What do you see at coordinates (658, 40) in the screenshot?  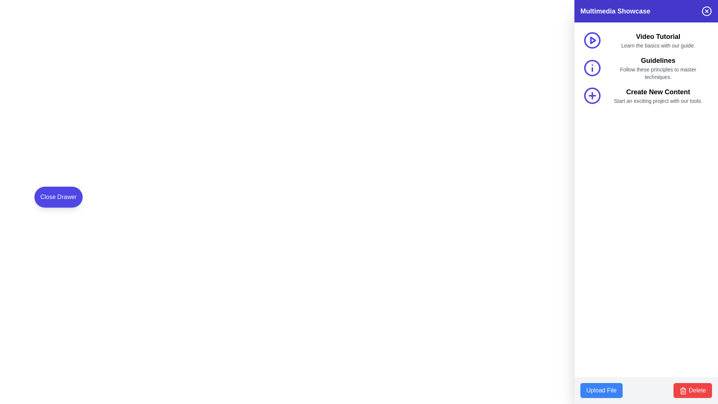 I see `the 'Video Tutorial' text block, which contains two lines of text: the top line in bold reads 'Video Tutorial' and the bottom line in lighter font reads 'Learn the basics with our guide.' This element is located on the right side of the interface, between a play button icon above and 'Guidelines' below` at bounding box center [658, 40].